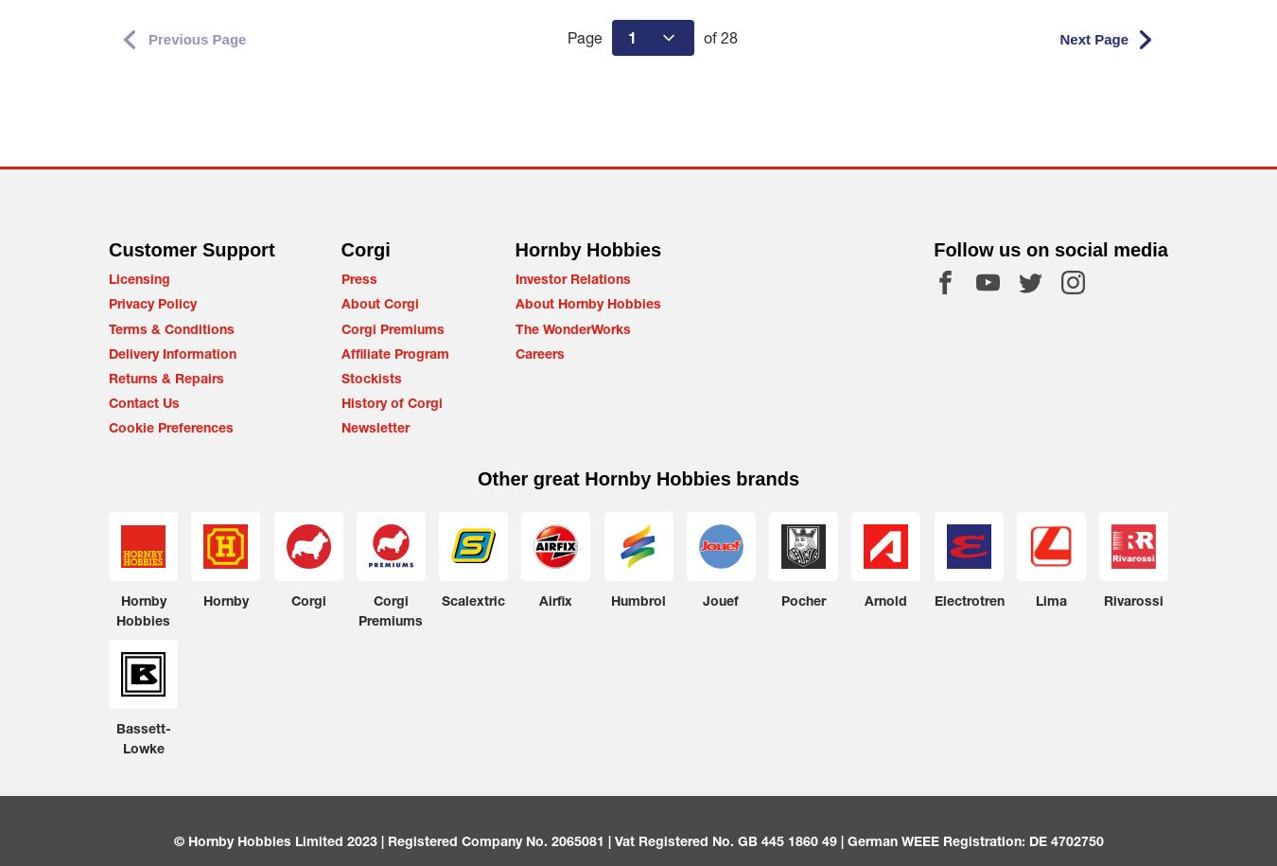  I want to click on 'Page', so click(567, 37).